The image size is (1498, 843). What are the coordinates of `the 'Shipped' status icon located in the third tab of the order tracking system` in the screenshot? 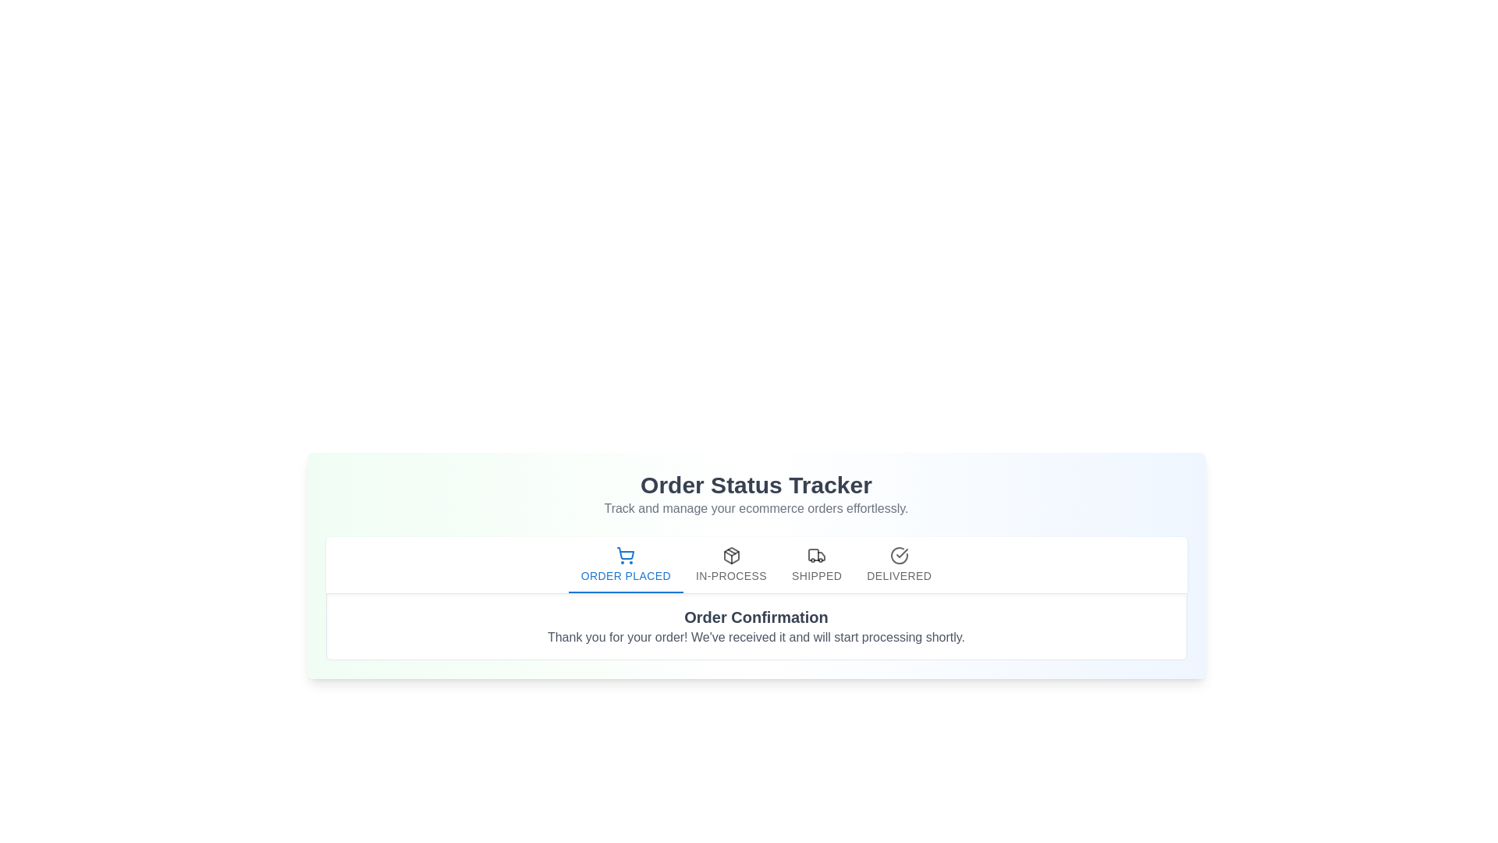 It's located at (816, 555).